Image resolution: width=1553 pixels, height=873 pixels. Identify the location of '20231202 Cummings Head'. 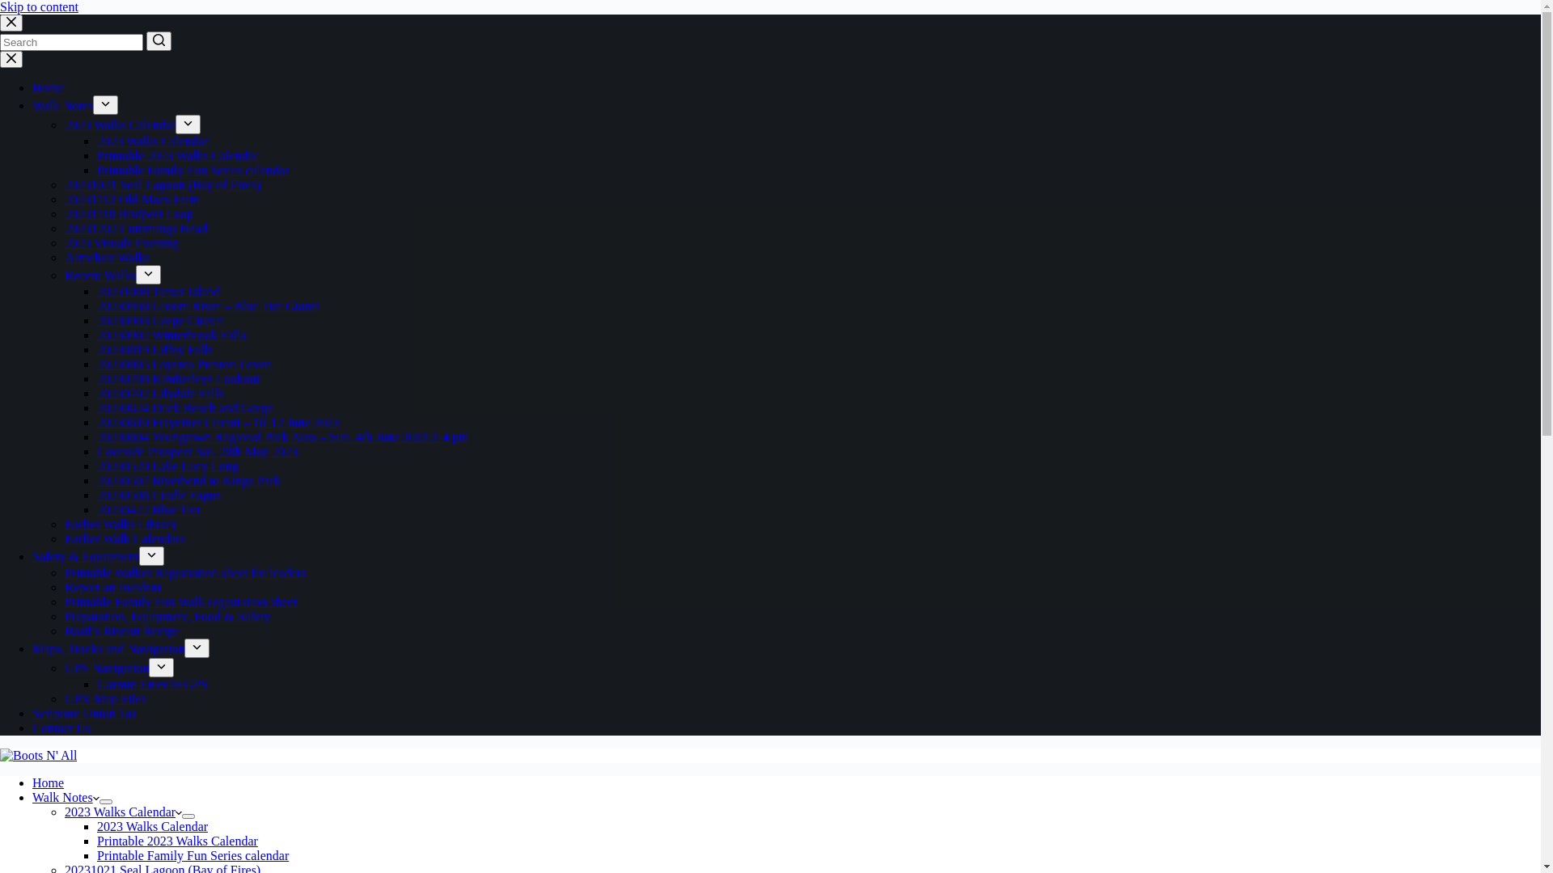
(65, 228).